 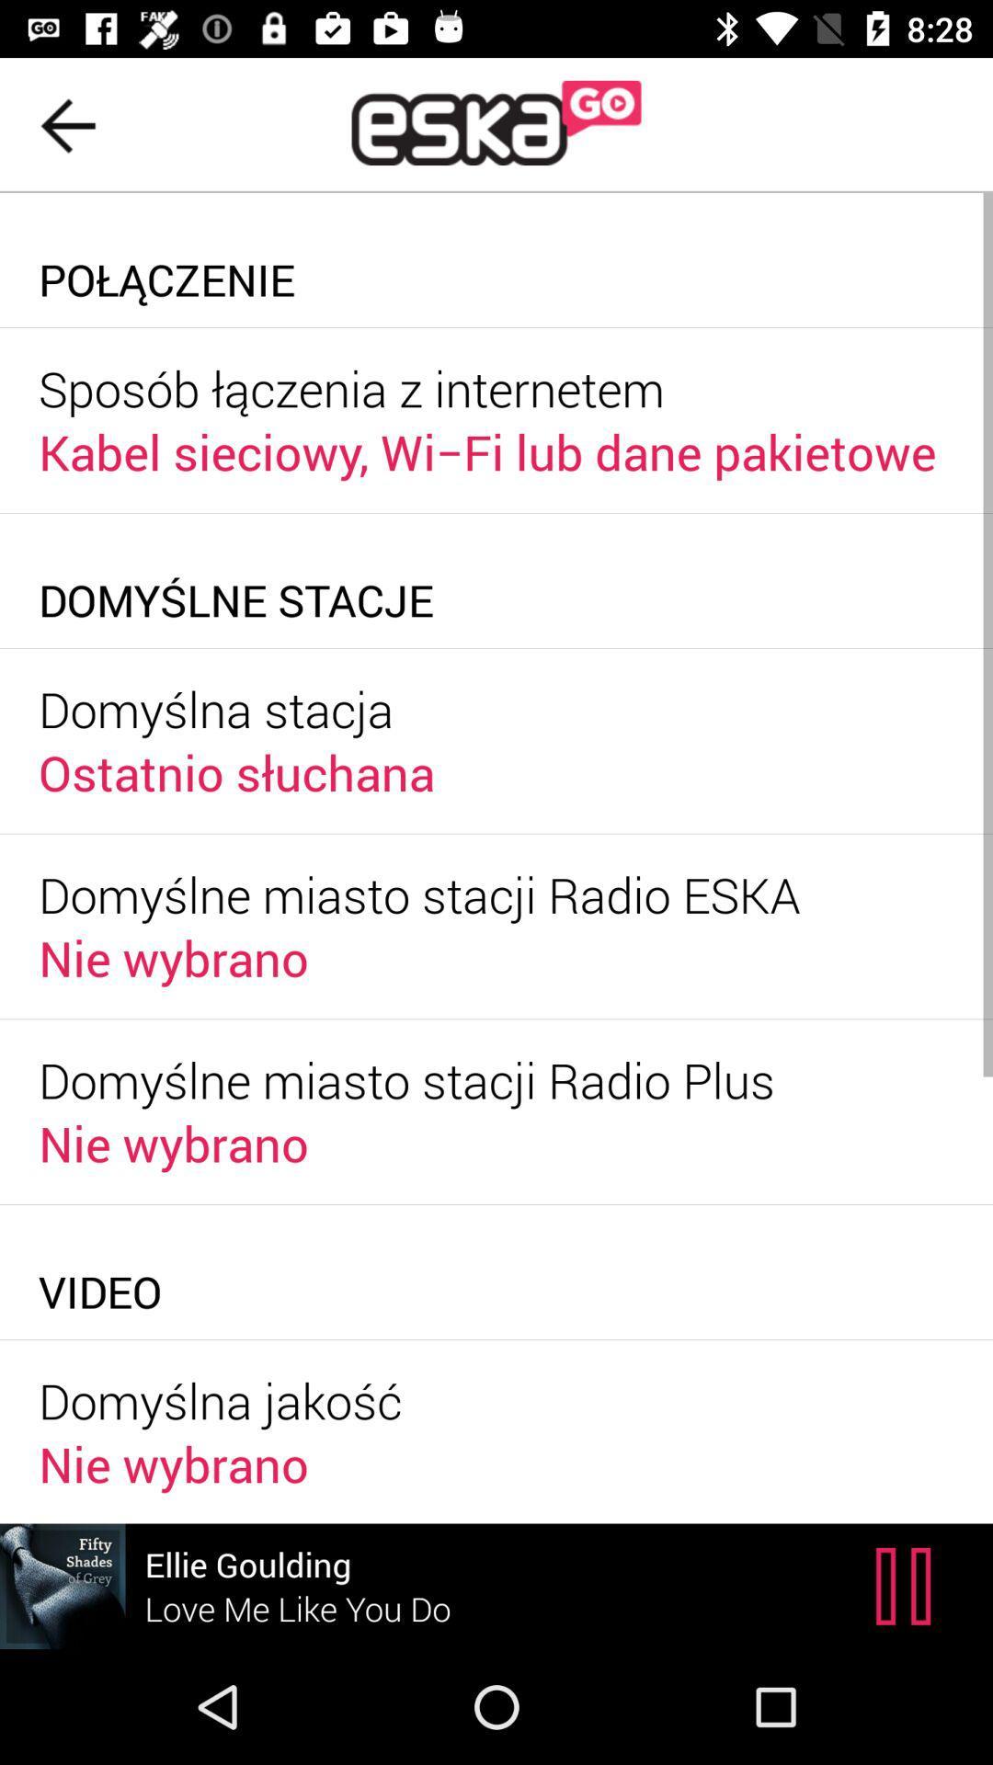 I want to click on the pause icon, so click(x=907, y=1585).